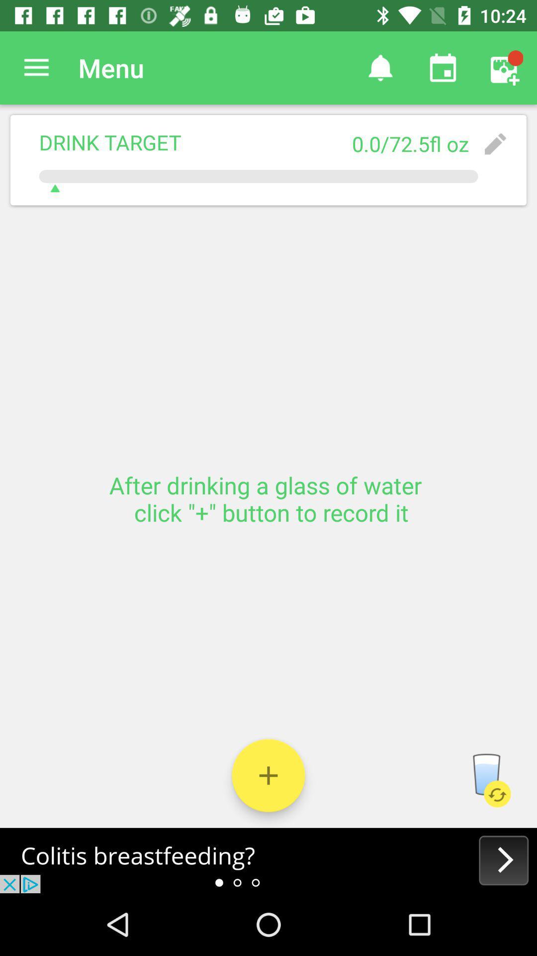 This screenshot has width=537, height=956. I want to click on open menu, so click(36, 67).